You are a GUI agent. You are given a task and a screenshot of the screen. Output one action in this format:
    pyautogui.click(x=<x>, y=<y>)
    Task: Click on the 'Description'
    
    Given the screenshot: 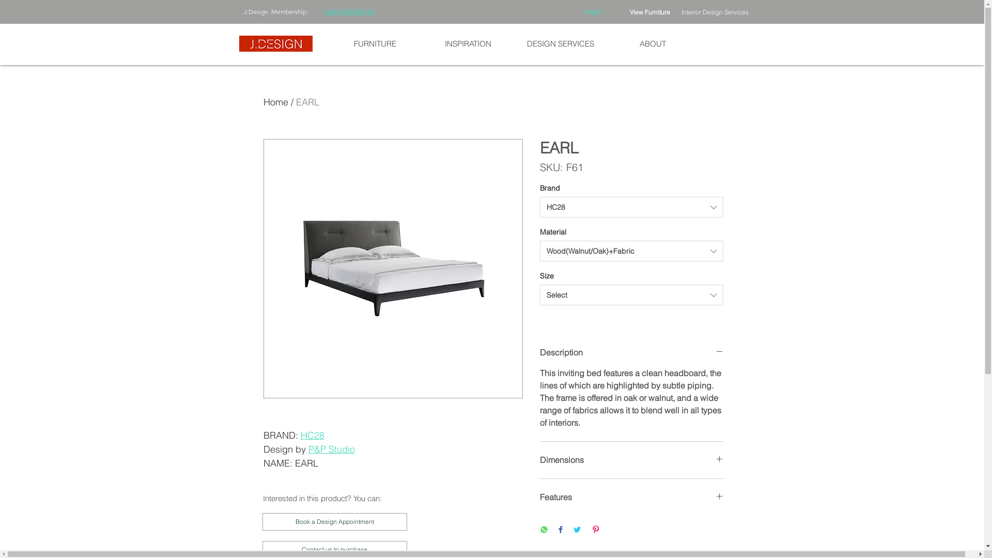 What is the action you would take?
    pyautogui.click(x=630, y=352)
    